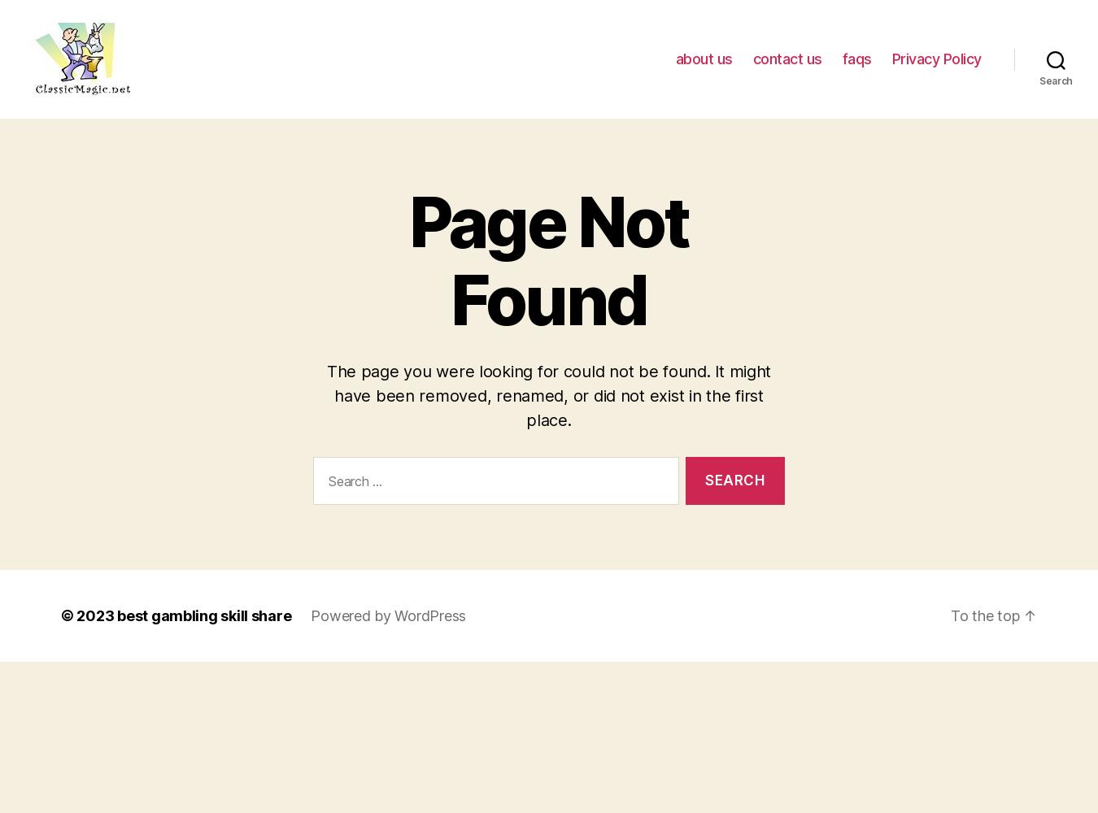 This screenshot has height=813, width=1098. I want to click on 'best gambling skill share', so click(203, 615).